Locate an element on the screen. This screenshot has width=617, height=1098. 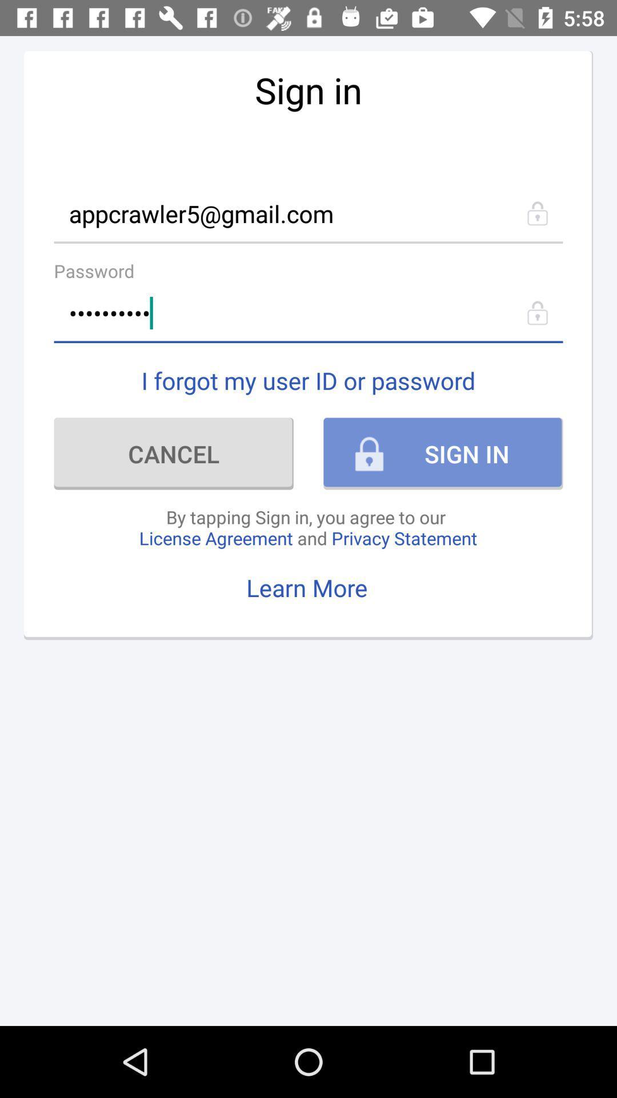
the item below password item is located at coordinates (308, 313).